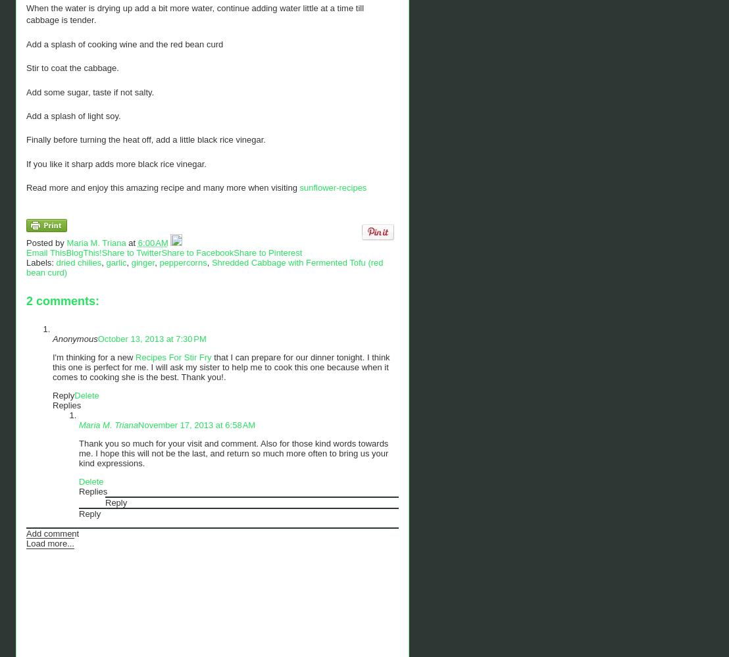 The height and width of the screenshot is (657, 729). Describe the element at coordinates (26, 242) in the screenshot. I see `'Posted by'` at that location.